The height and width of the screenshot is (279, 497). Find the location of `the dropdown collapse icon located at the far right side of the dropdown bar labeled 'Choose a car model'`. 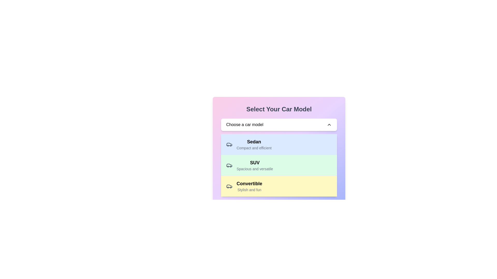

the dropdown collapse icon located at the far right side of the dropdown bar labeled 'Choose a car model' is located at coordinates (329, 125).